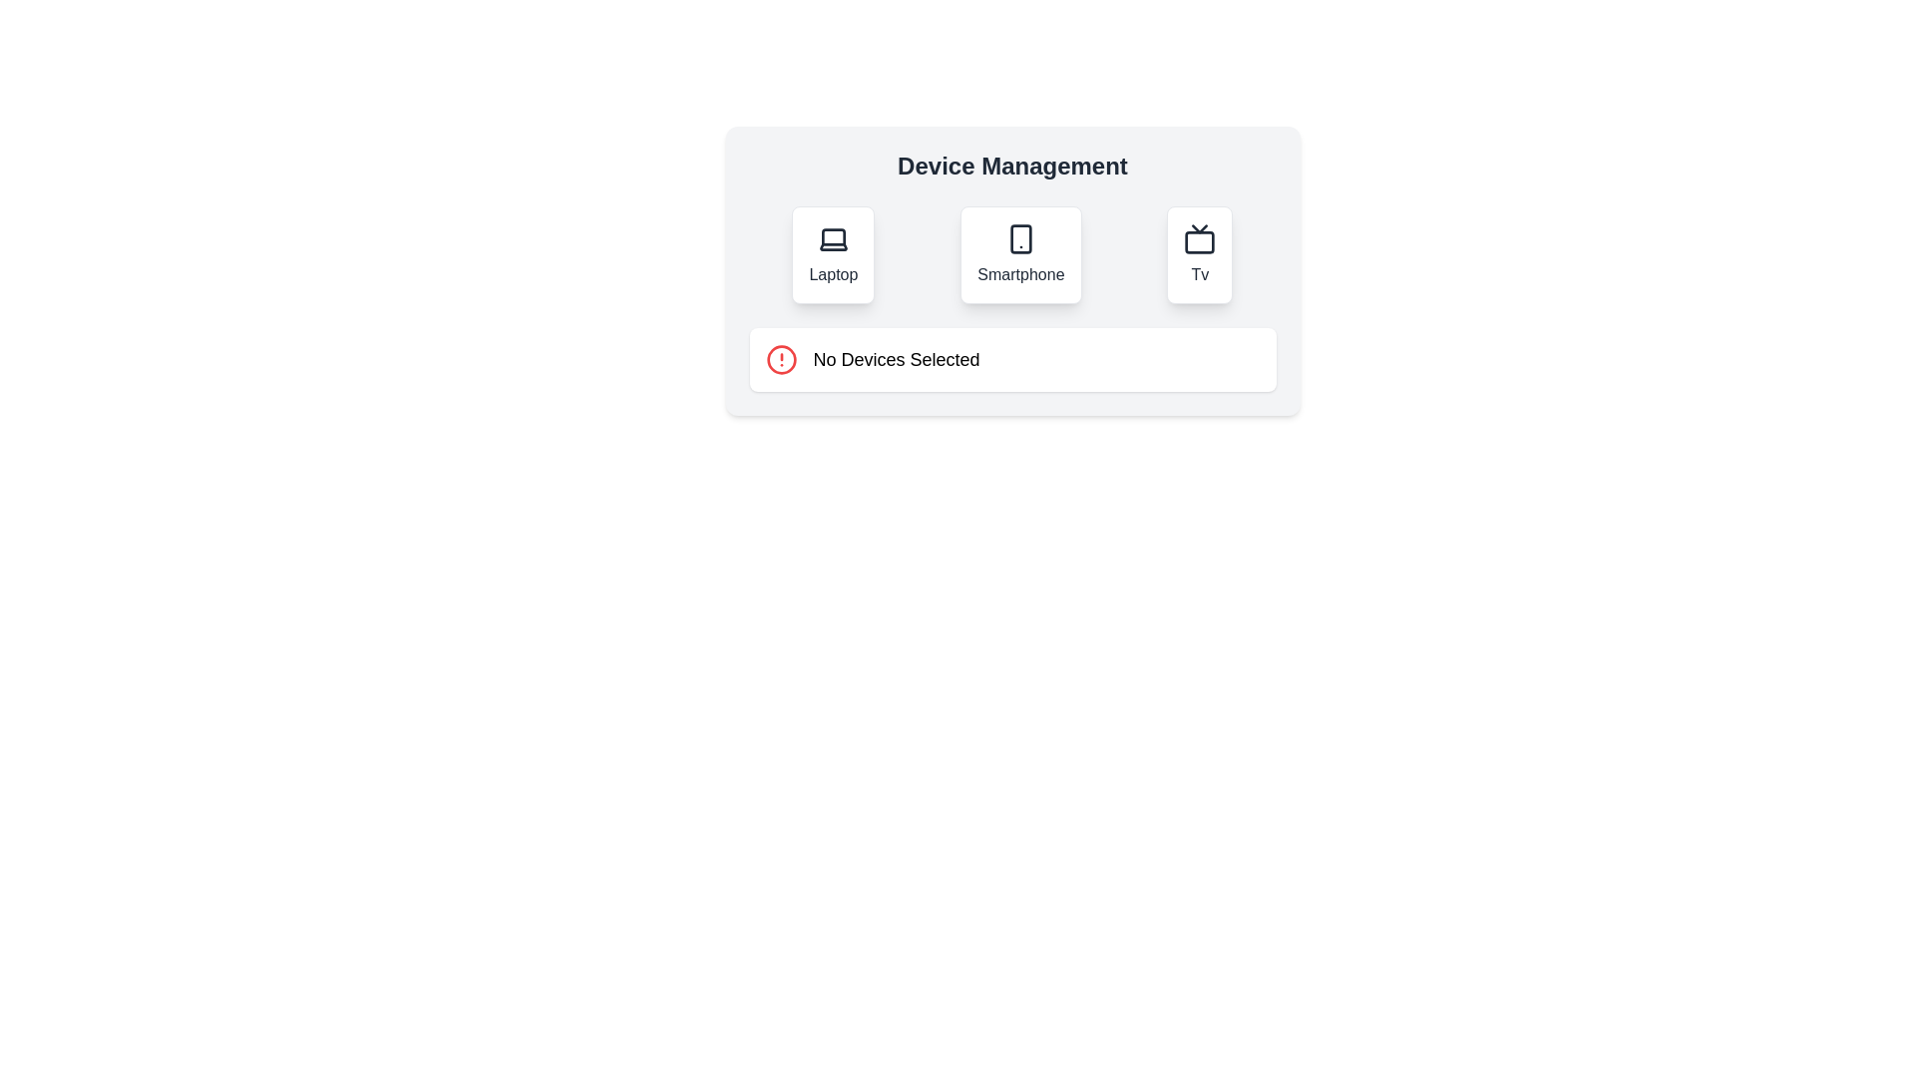 The image size is (1915, 1077). I want to click on to select the 'Laptop' option from the first card in the 'Device Management' section, which features a stylized laptop icon and is visually distinct with a rounded border and shadow effects, so click(833, 253).